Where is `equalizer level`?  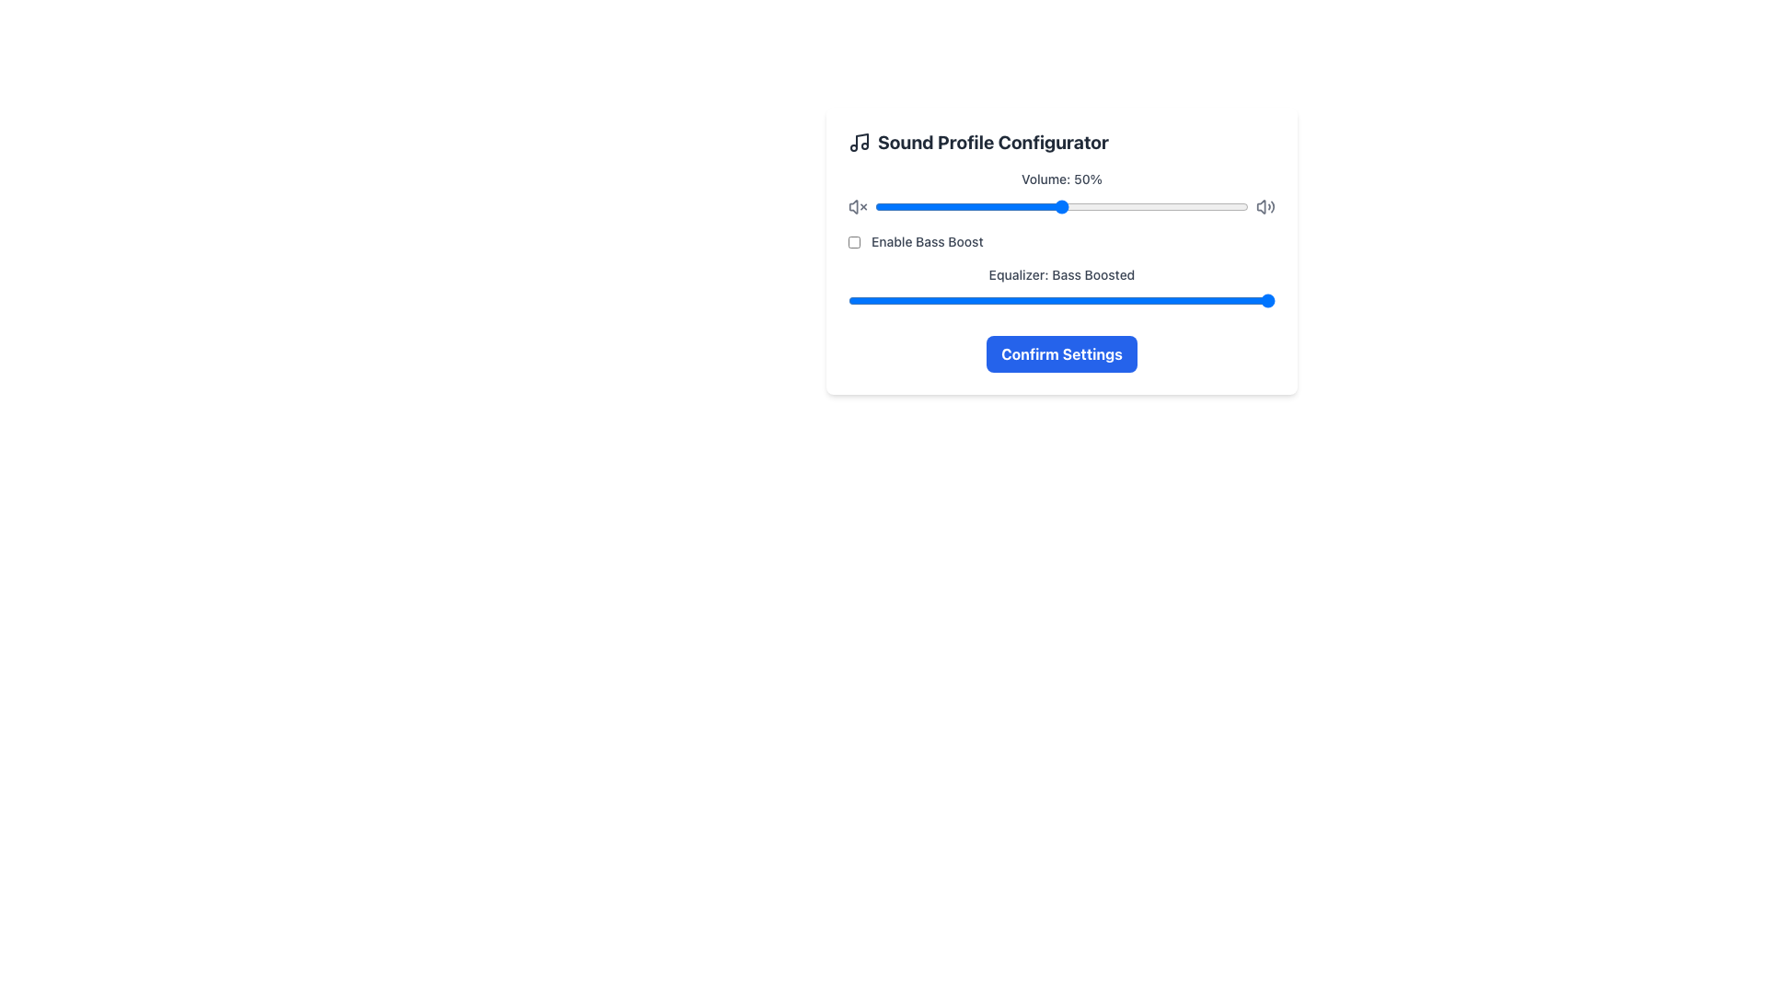 equalizer level is located at coordinates (847, 300).